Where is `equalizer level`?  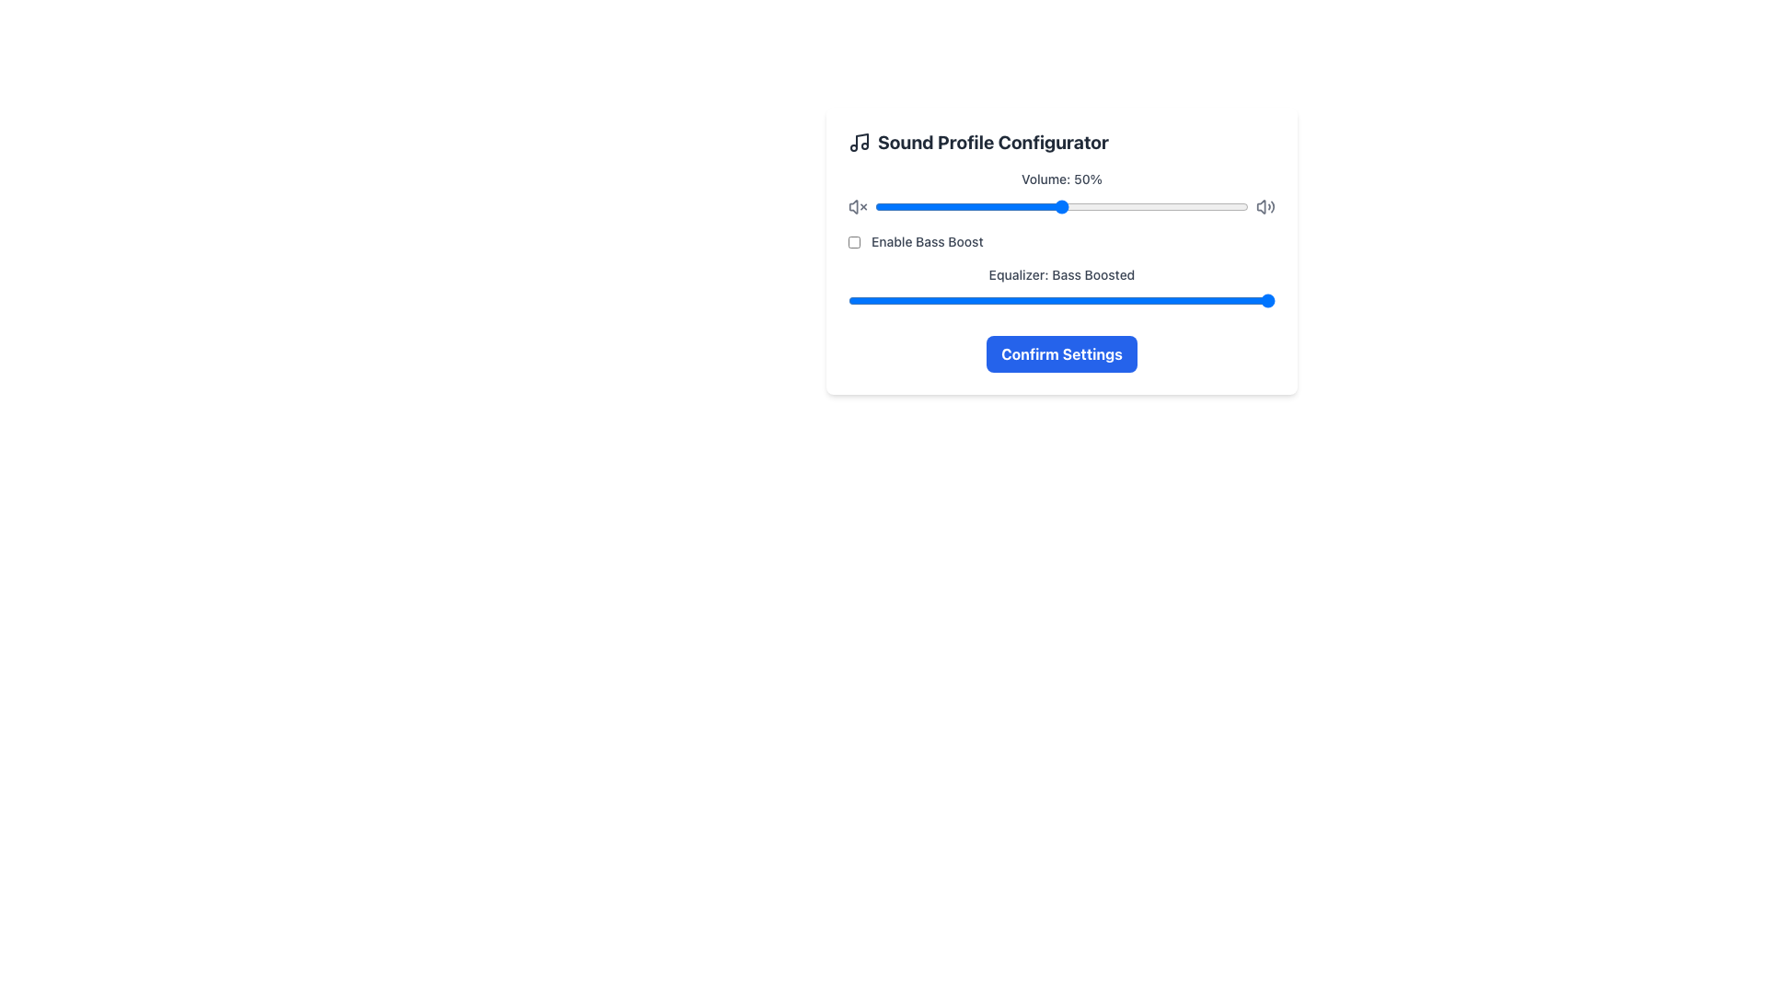 equalizer level is located at coordinates (847, 300).